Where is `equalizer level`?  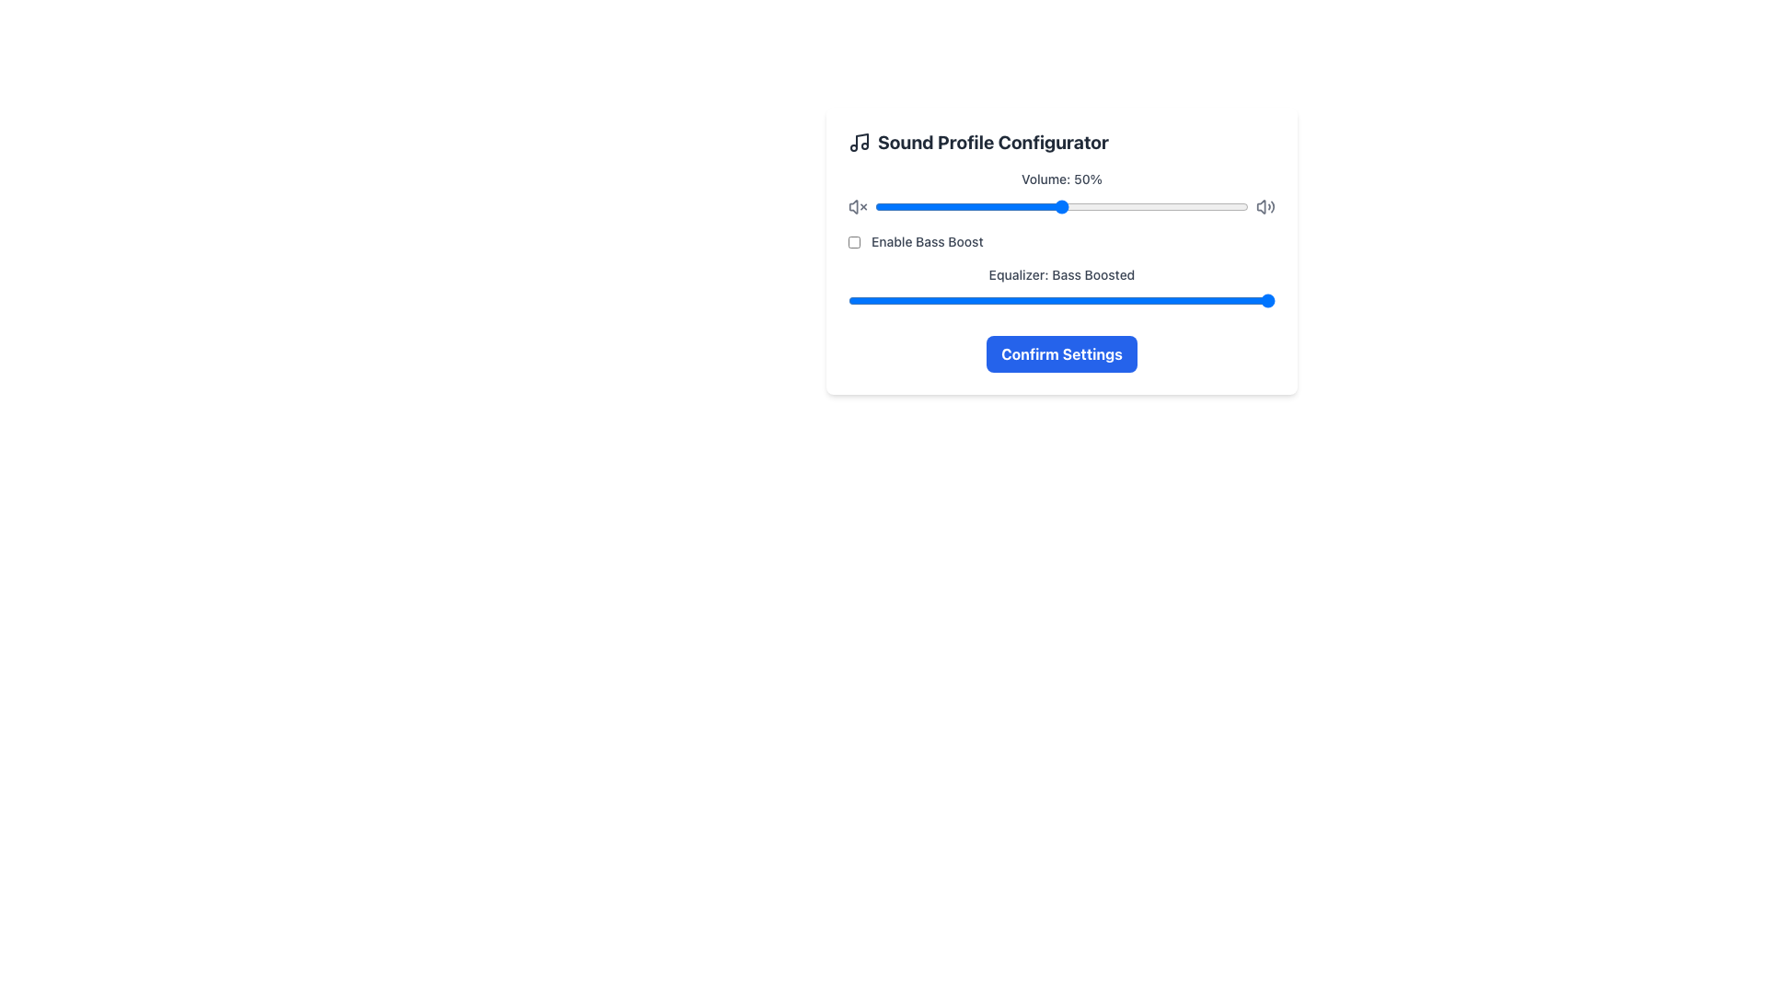 equalizer level is located at coordinates (847, 300).